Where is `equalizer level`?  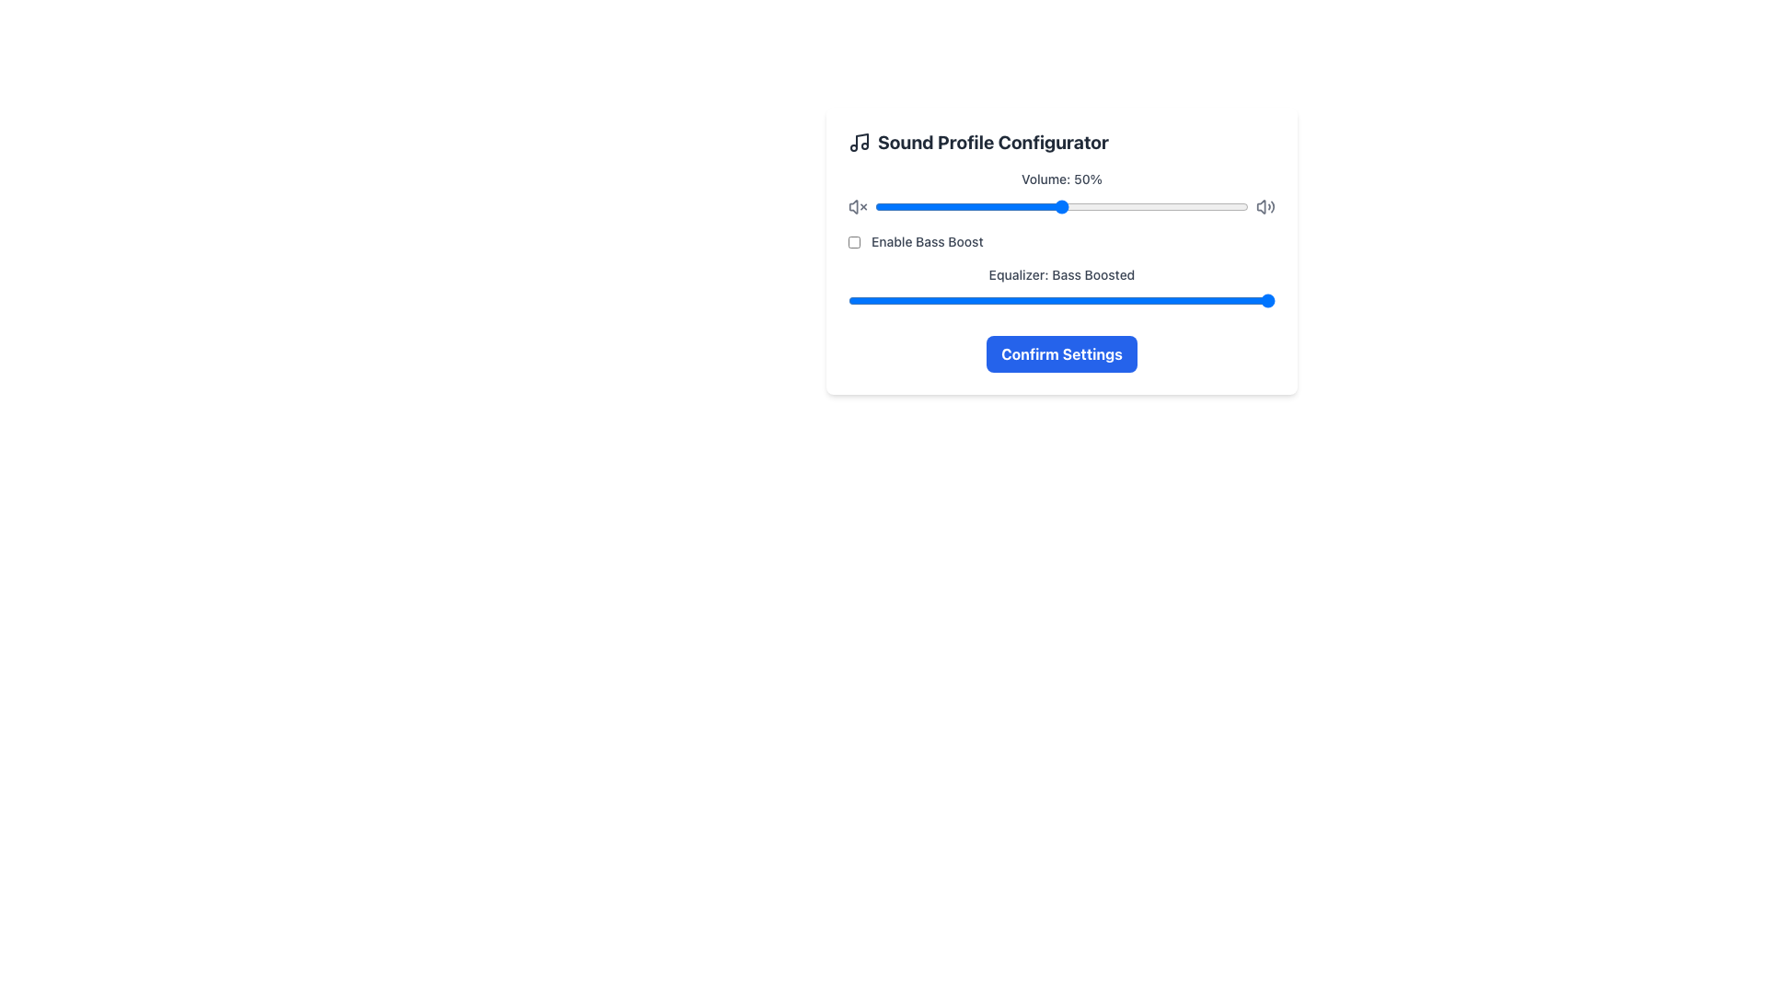 equalizer level is located at coordinates (847, 300).